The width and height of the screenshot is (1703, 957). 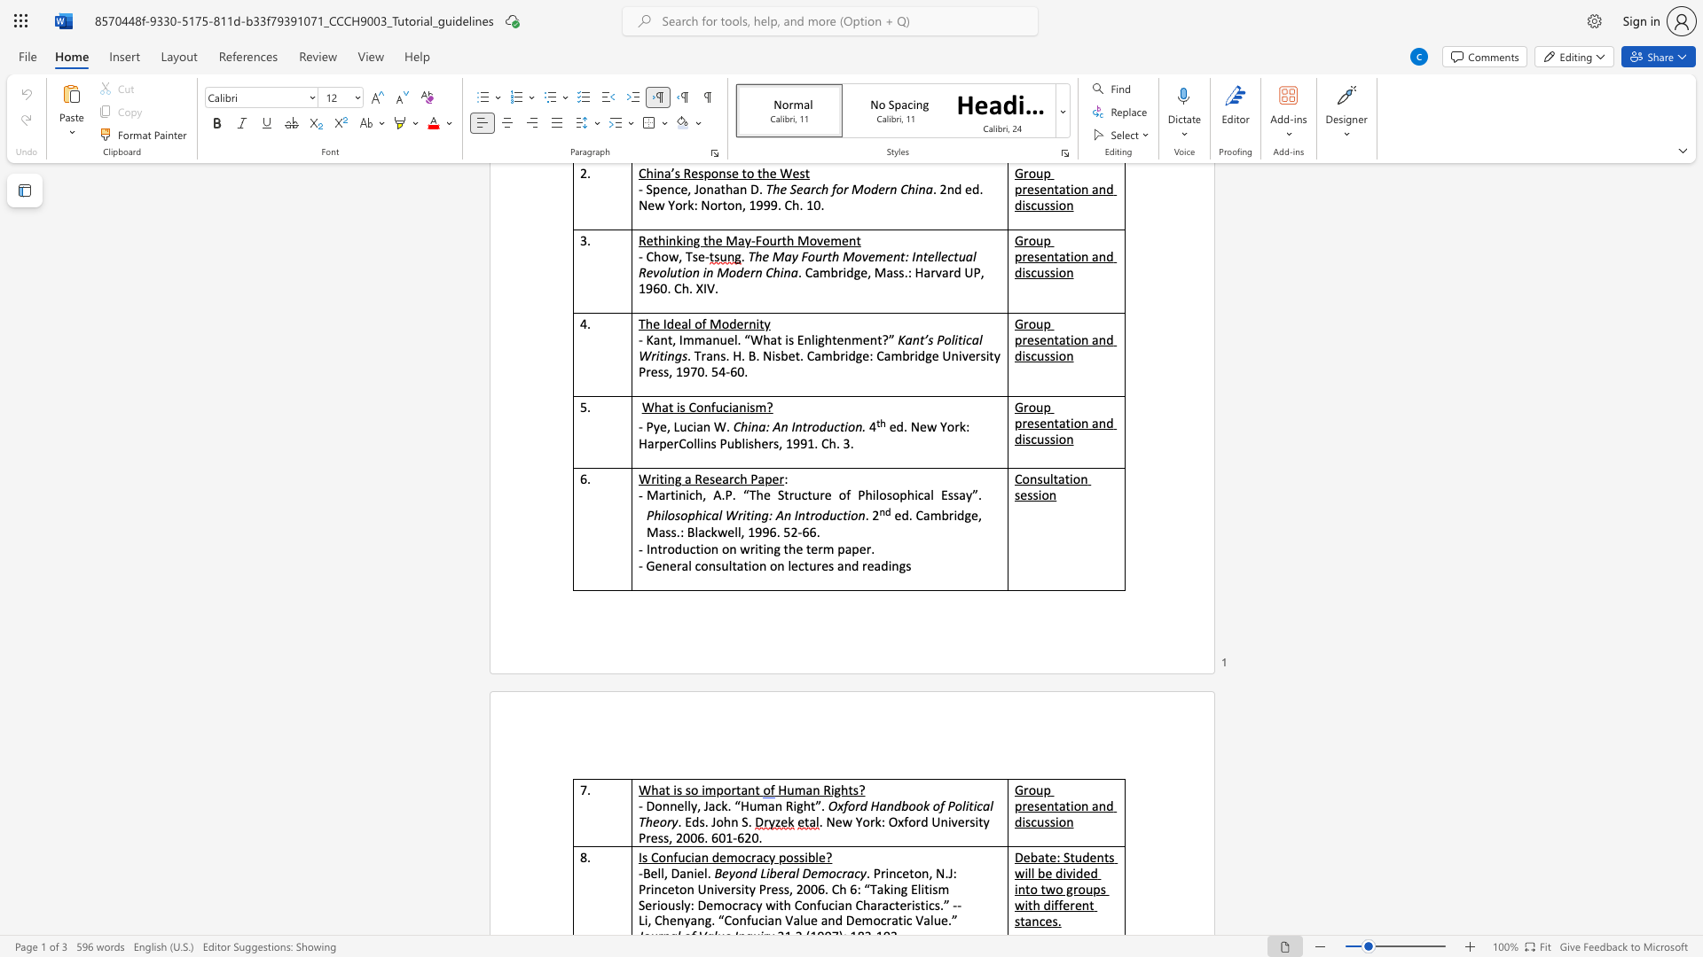 What do you see at coordinates (703, 919) in the screenshot?
I see `the subset text "g. “Confucian Value and Democratic" within the text "Seriously: Democracy with Confucian Characteristics.” --Li, Chenyang. “Confucian Value and Democratic Value.”"` at bounding box center [703, 919].